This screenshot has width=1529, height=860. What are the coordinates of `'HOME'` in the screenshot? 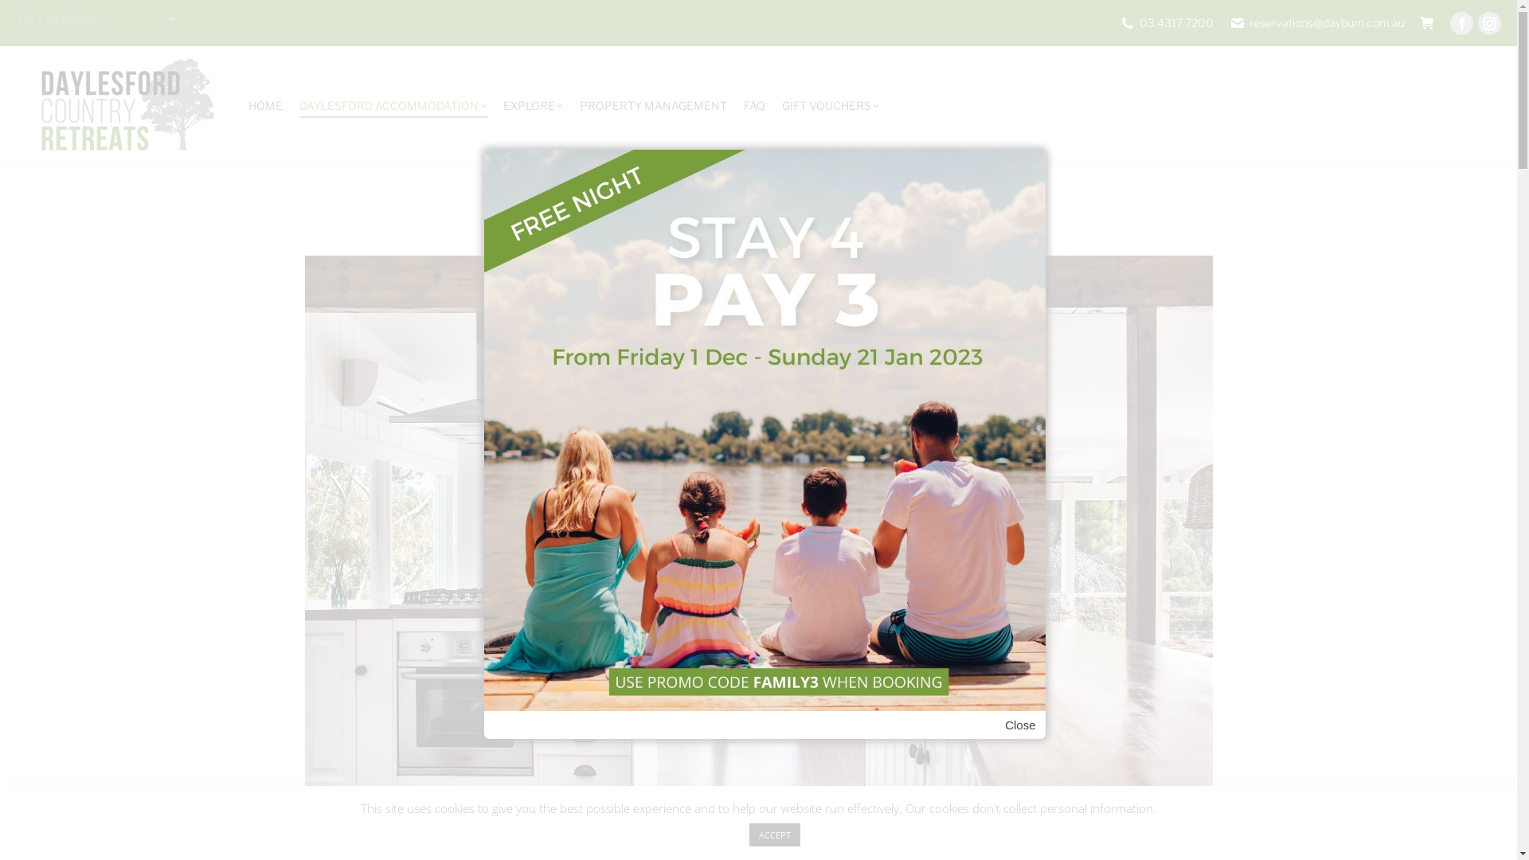 It's located at (265, 105).